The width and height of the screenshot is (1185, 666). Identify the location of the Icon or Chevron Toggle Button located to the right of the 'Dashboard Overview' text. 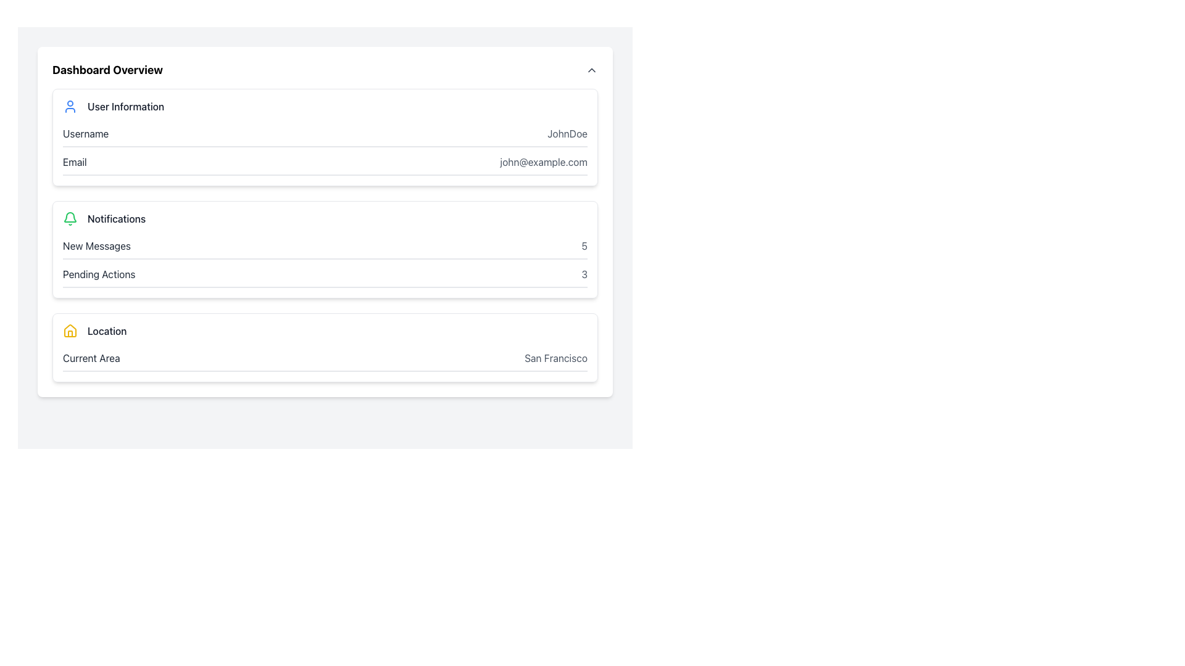
(591, 70).